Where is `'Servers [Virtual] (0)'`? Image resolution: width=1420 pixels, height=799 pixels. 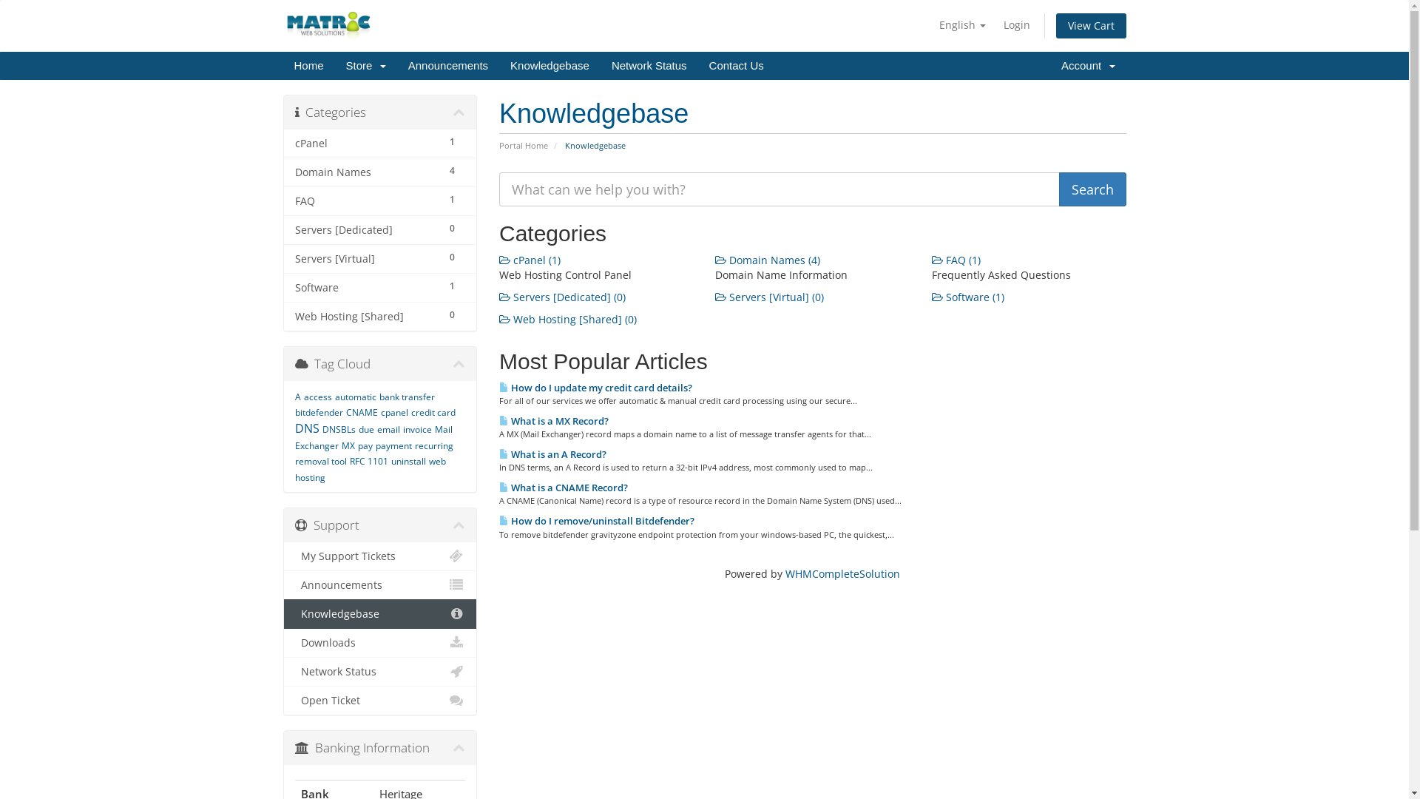
'Servers [Virtual] (0)' is located at coordinates (769, 297).